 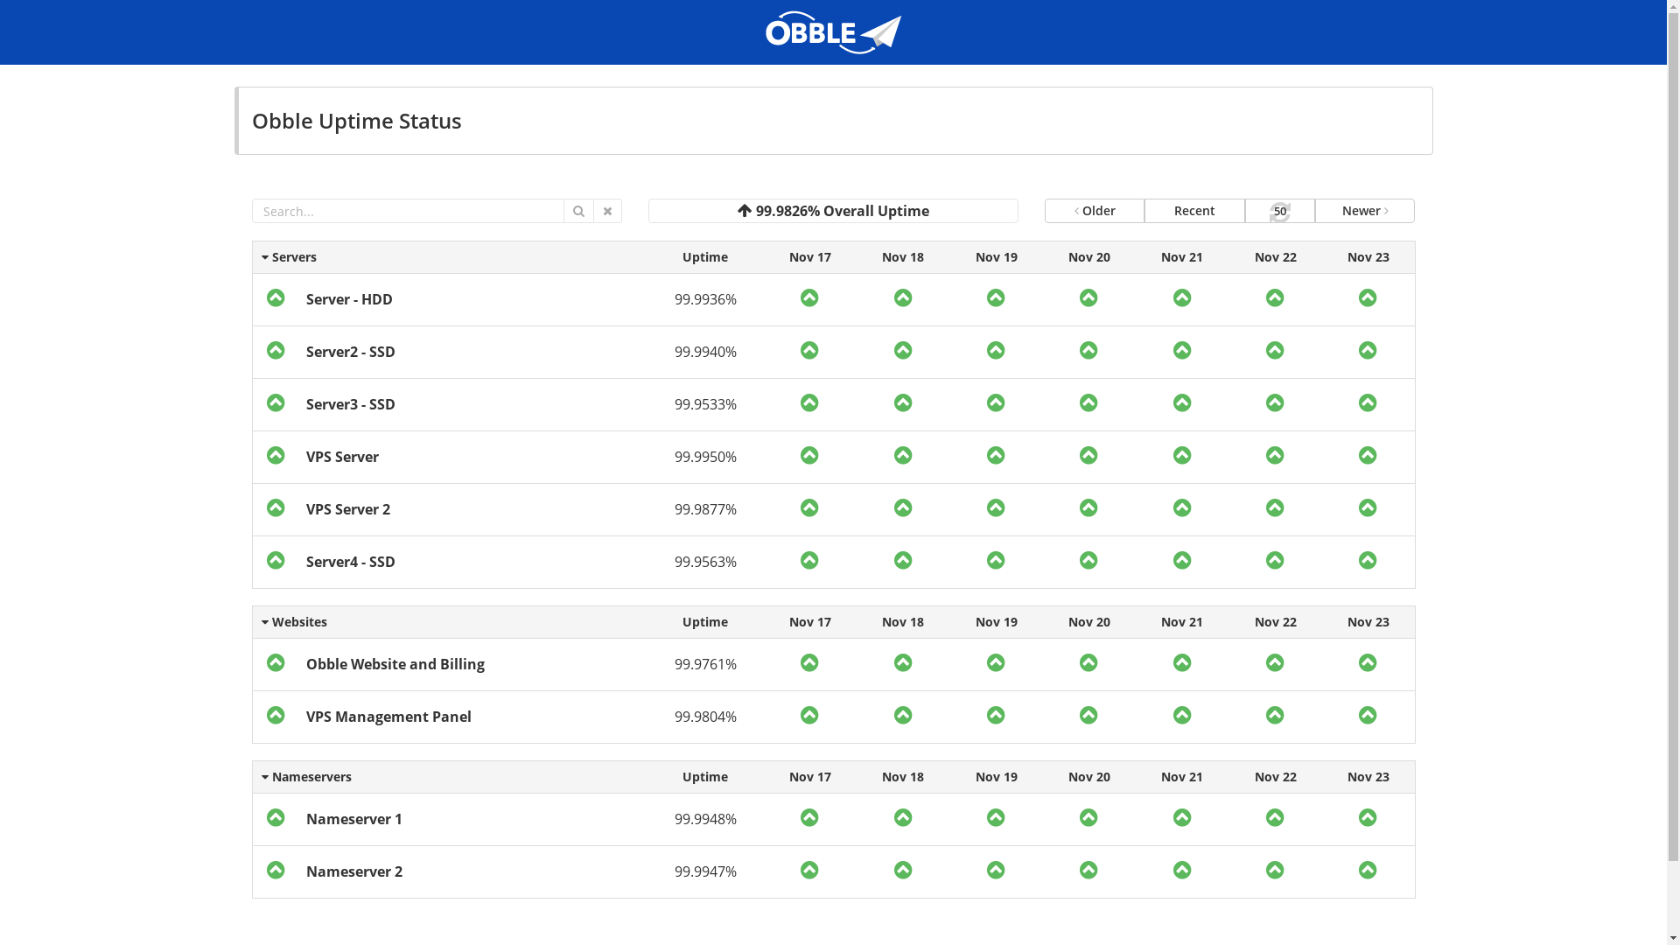 I want to click on 'Server4 - SSD', so click(x=350, y=561).